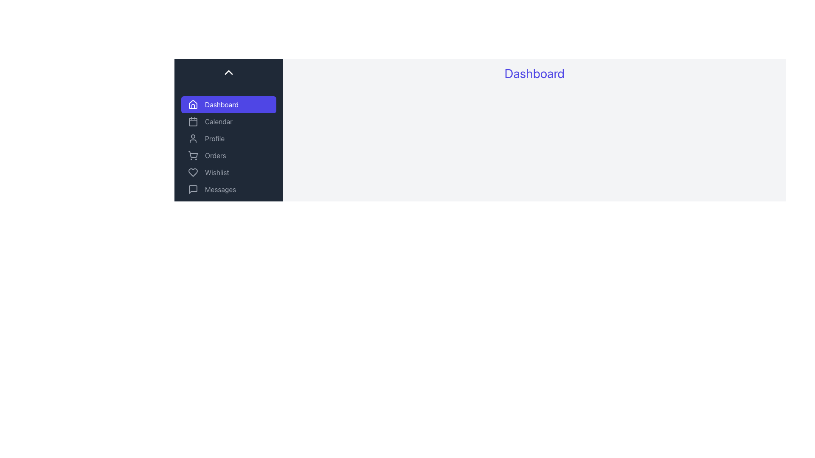 This screenshot has height=458, width=815. Describe the element at coordinates (222, 104) in the screenshot. I see `the 'Dashboard' text label located on the sidebar menu, which is styled with a sans-serif font and positioned to the right of a house icon` at that location.